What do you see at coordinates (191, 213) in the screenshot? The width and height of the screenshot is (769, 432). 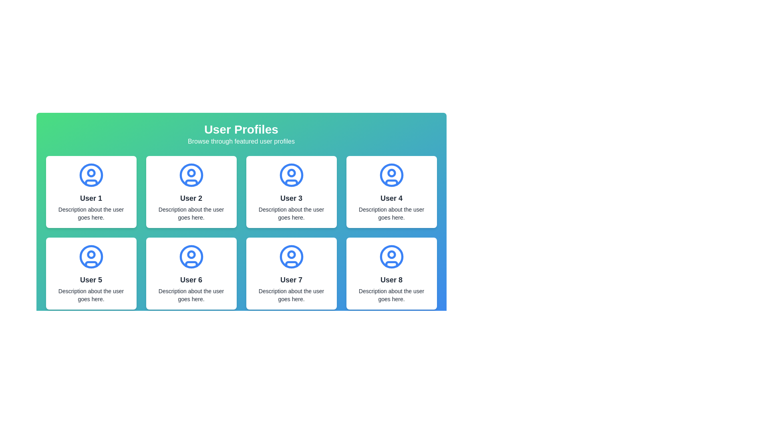 I see `the Text Label that provides a brief description for 'User 2', positioned beneath the title within the card layout` at bounding box center [191, 213].